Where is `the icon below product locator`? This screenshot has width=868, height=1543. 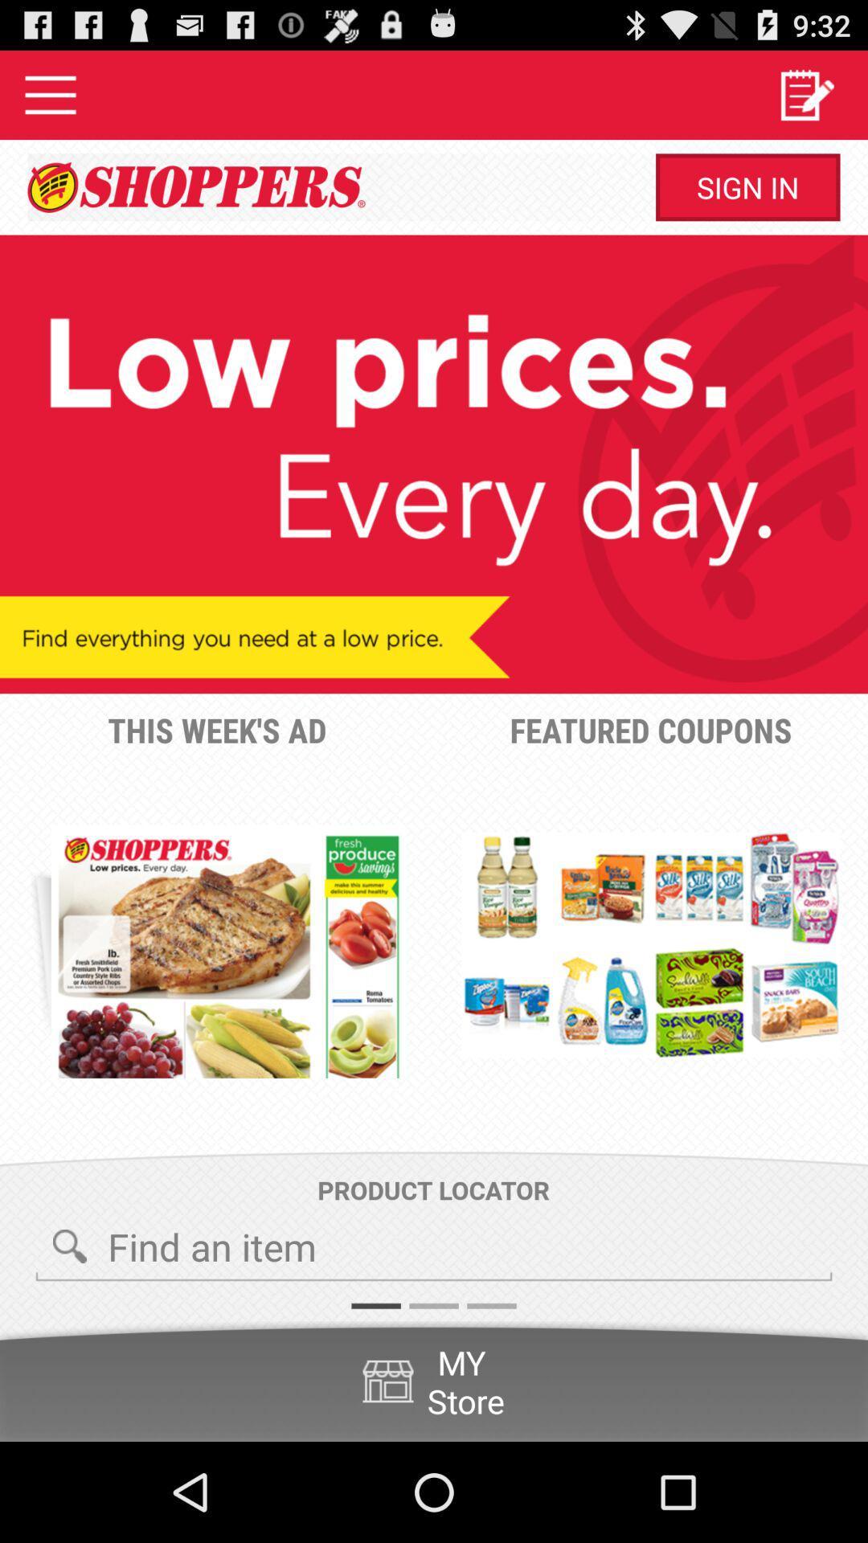
the icon below product locator is located at coordinates (434, 1247).